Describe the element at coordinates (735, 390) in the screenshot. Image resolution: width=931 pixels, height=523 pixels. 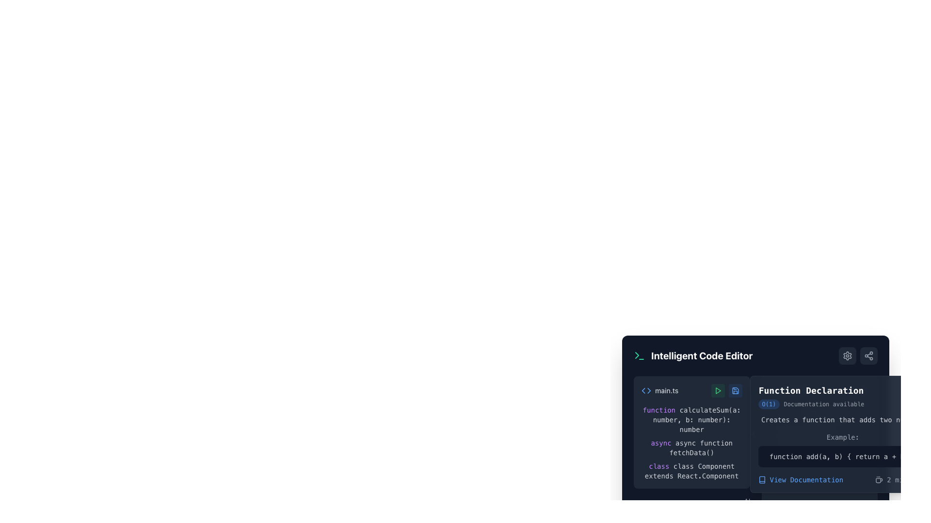
I see `the Save button located to the right of the green play button to observe any hover effects` at that location.